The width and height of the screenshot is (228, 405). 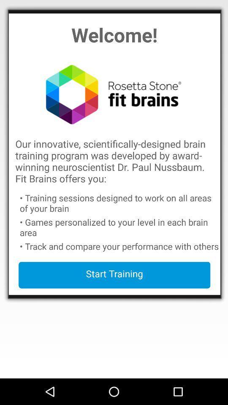 What do you see at coordinates (114, 275) in the screenshot?
I see `app below track and compare` at bounding box center [114, 275].